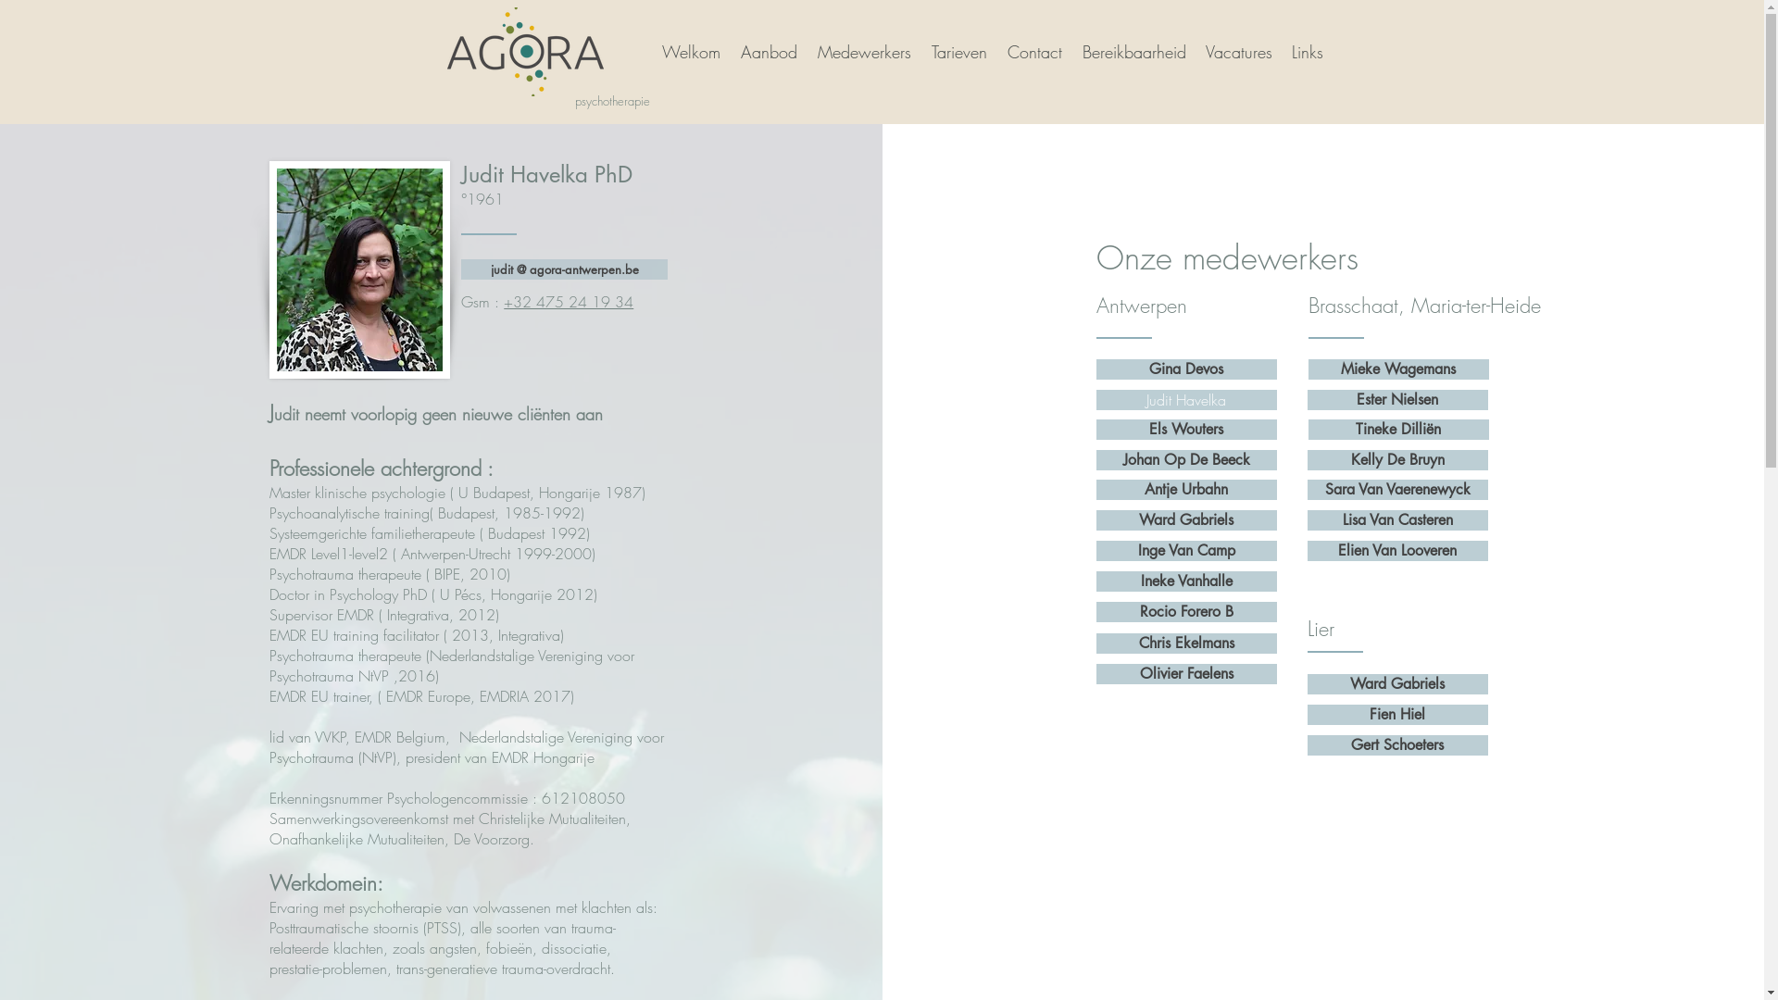  I want to click on 'Contact', so click(1033, 51).